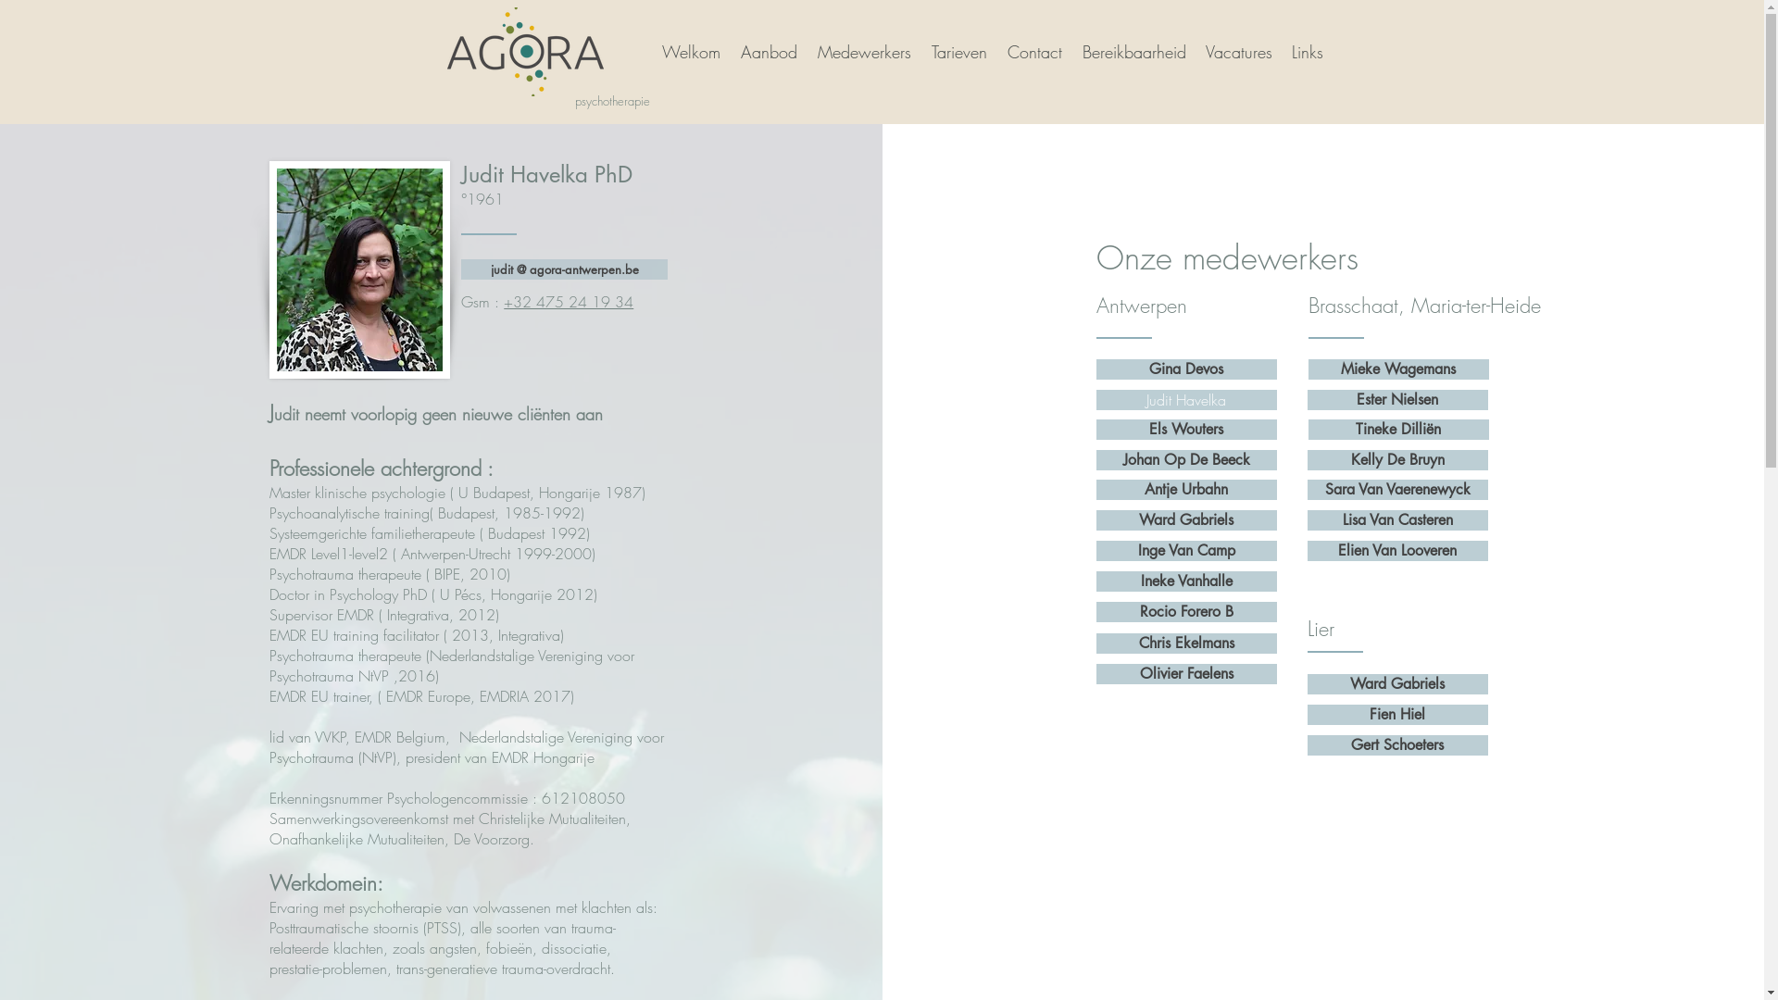  I want to click on 'Contact', so click(1033, 51).